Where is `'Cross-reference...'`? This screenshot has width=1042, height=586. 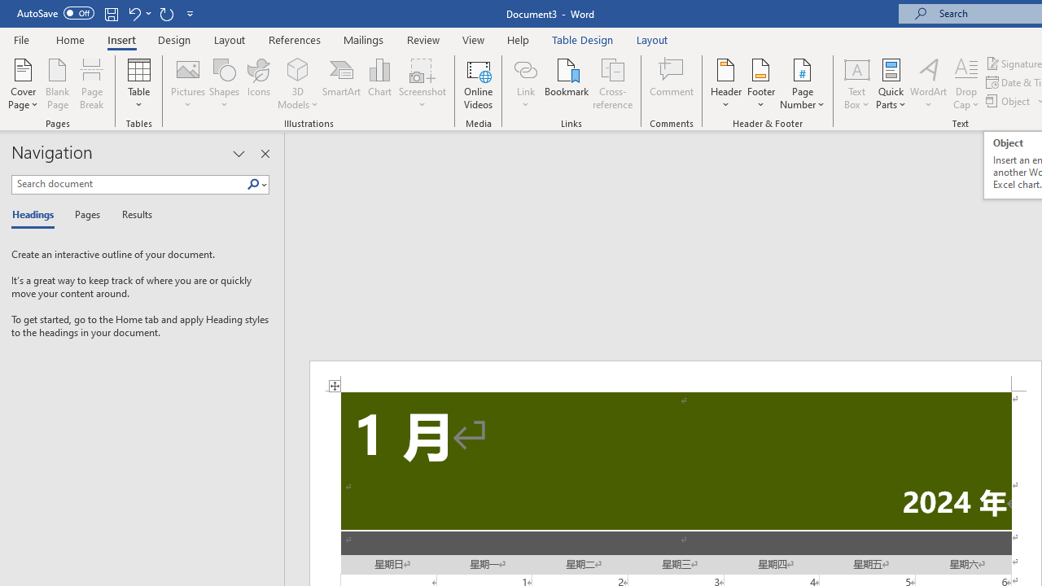 'Cross-reference...' is located at coordinates (611, 84).